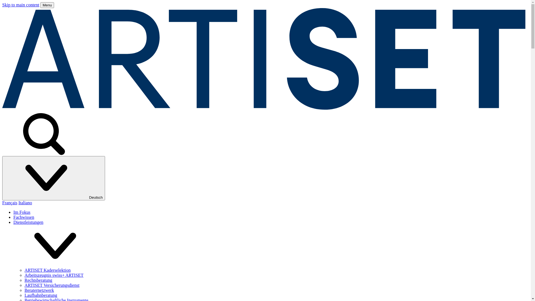 Image resolution: width=535 pixels, height=301 pixels. I want to click on 'Menu', so click(47, 5).